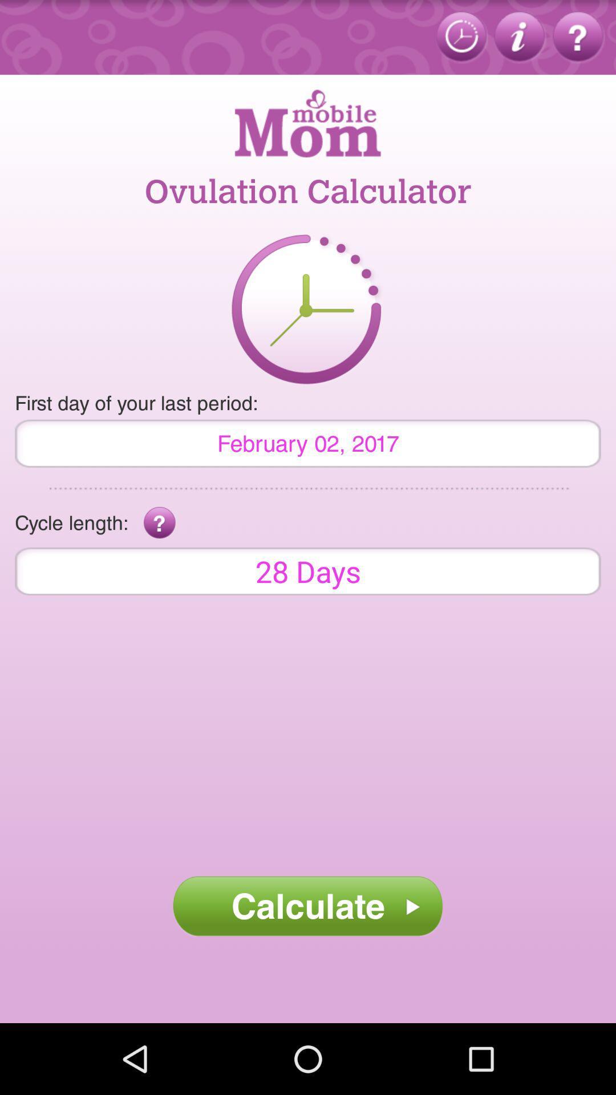 The width and height of the screenshot is (616, 1095). Describe the element at coordinates (308, 443) in the screenshot. I see `the february 02, 2017 item` at that location.